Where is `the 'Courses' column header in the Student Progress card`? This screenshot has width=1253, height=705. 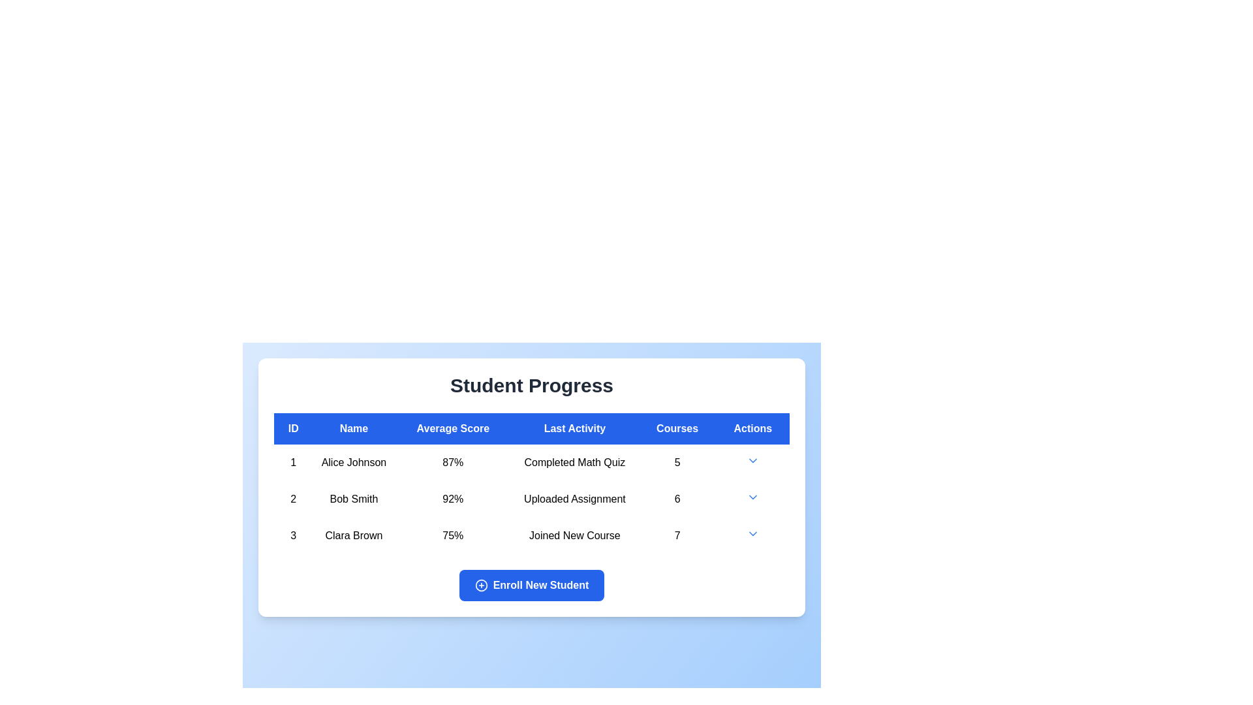 the 'Courses' column header in the Student Progress card is located at coordinates (677, 428).